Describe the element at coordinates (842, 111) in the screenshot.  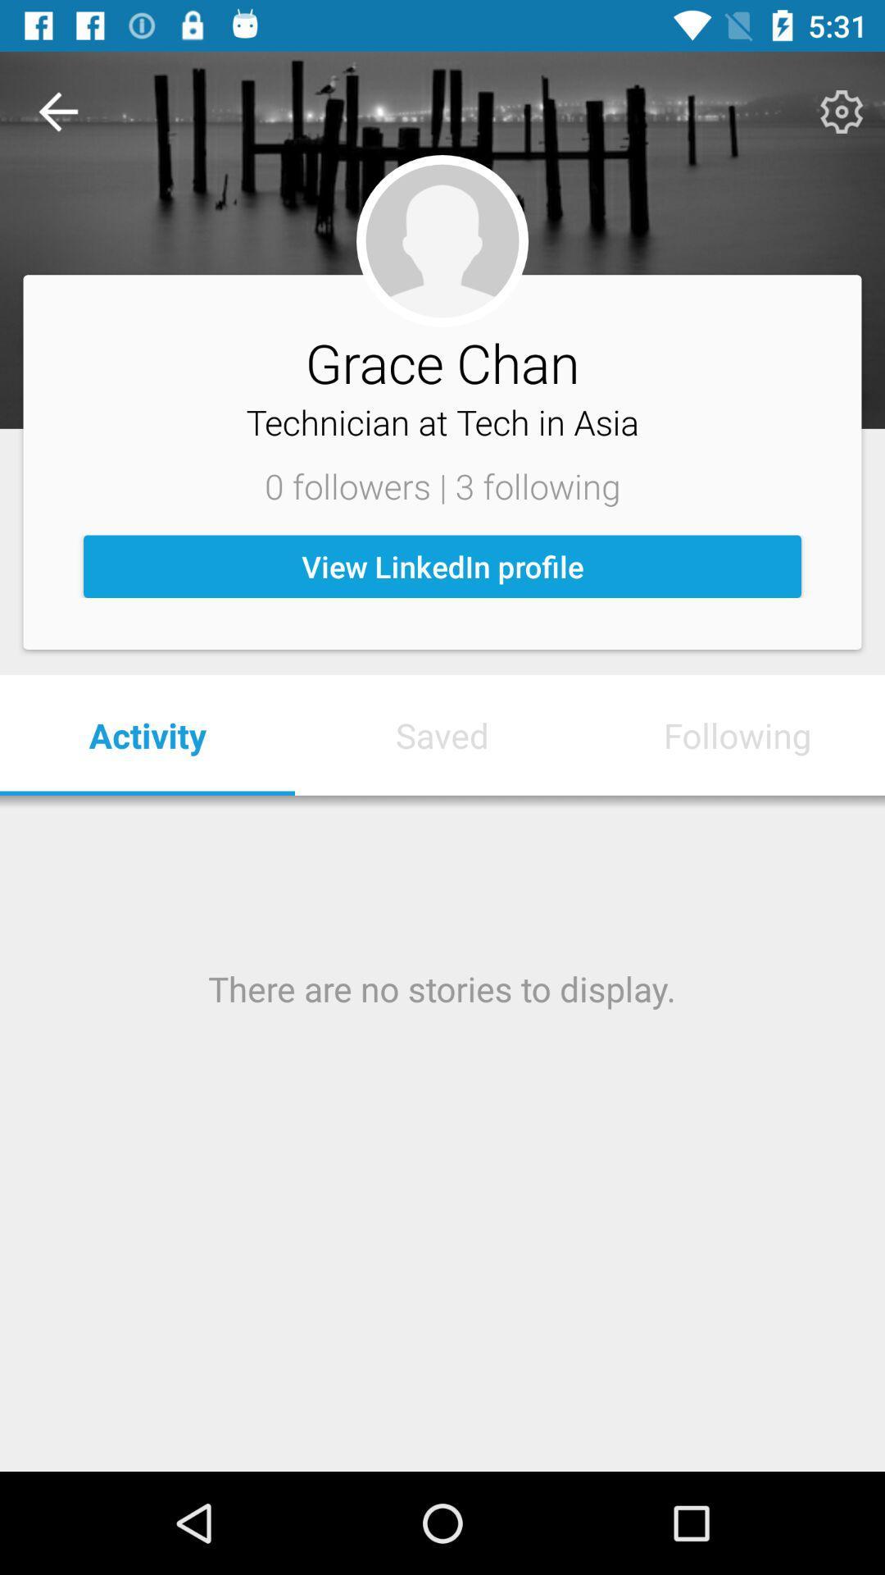
I see `the settings icon` at that location.